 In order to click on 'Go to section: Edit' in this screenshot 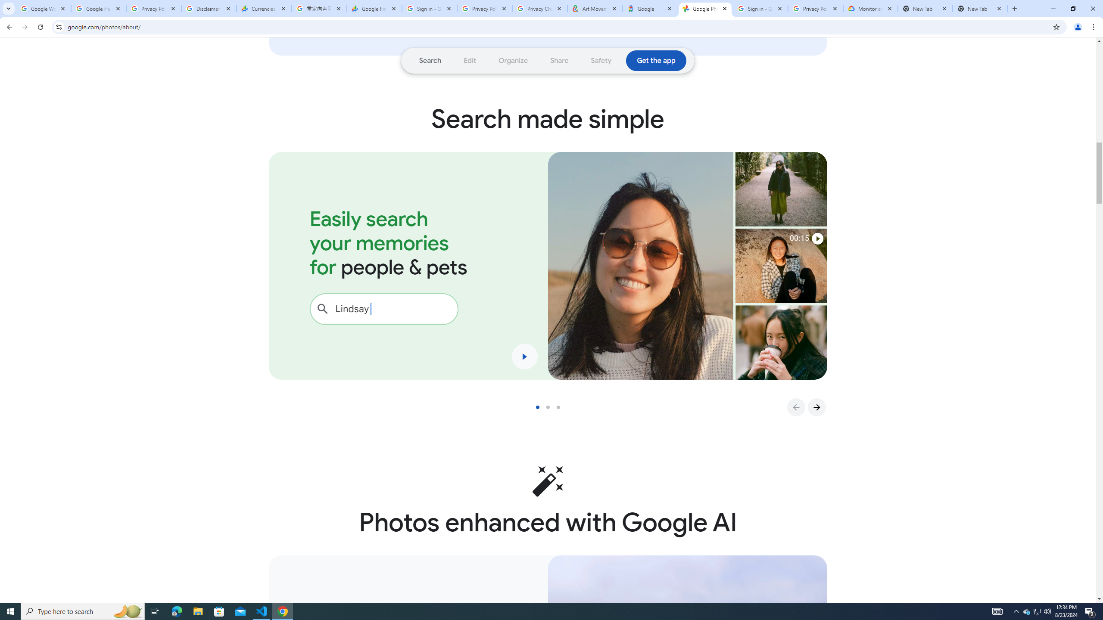, I will do `click(470, 61)`.